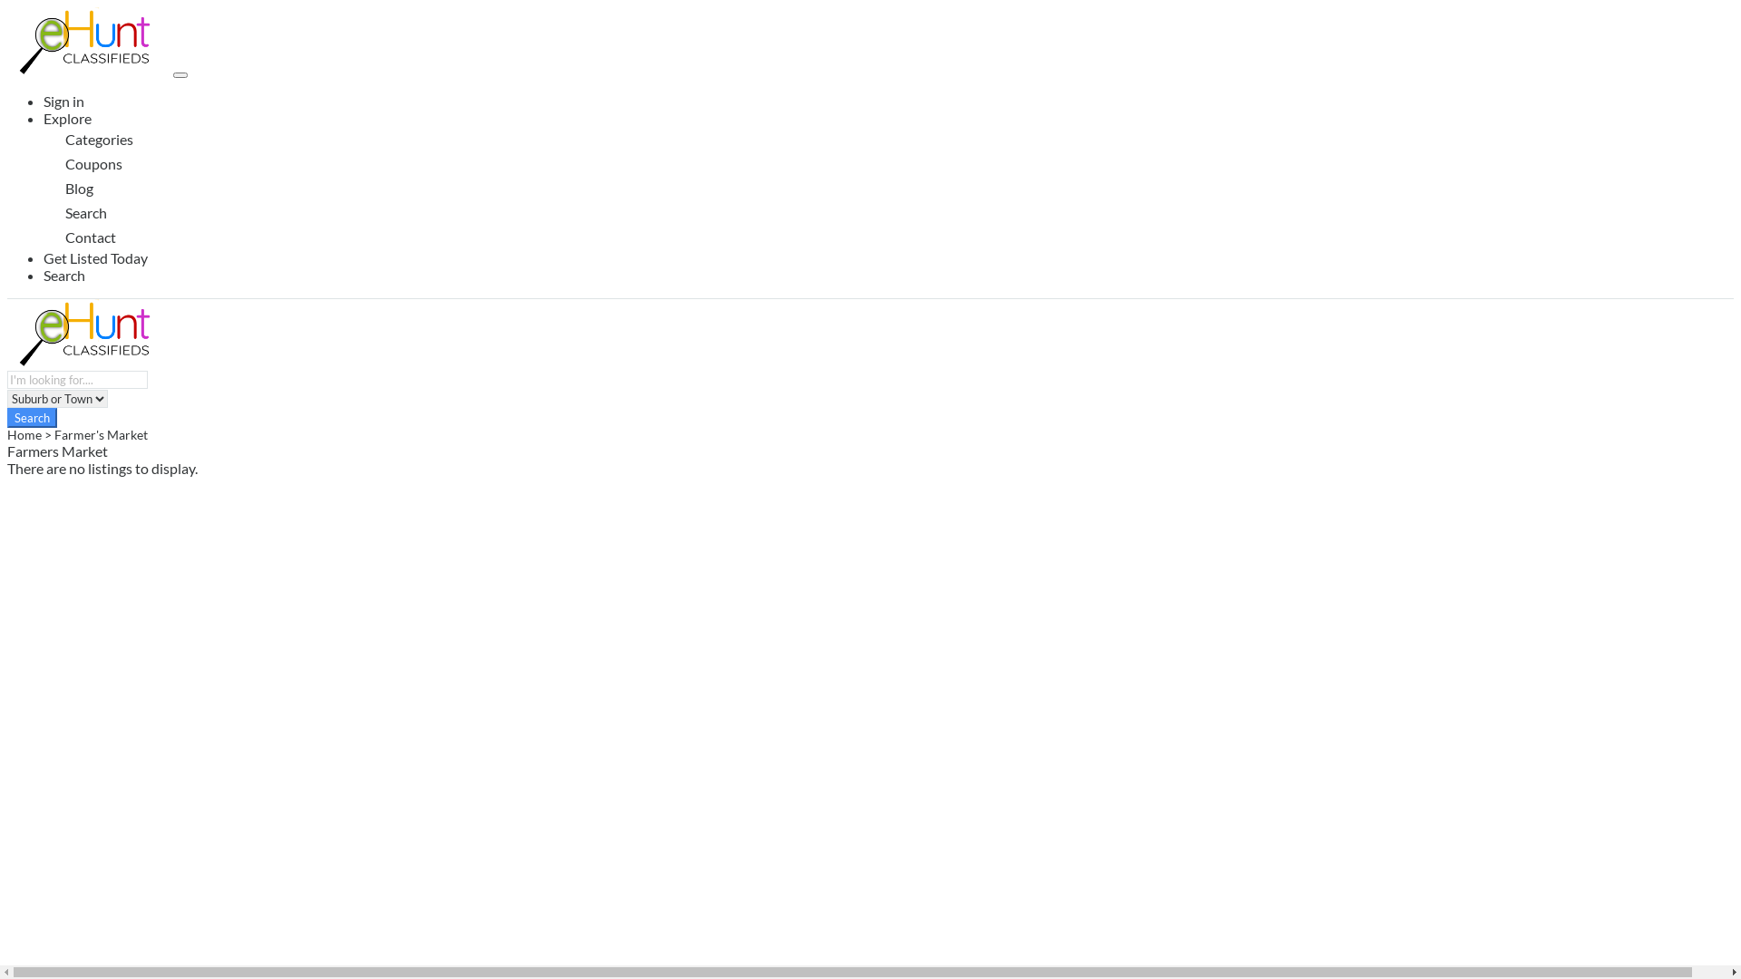 This screenshot has width=1741, height=979. I want to click on 'Search', so click(64, 275).